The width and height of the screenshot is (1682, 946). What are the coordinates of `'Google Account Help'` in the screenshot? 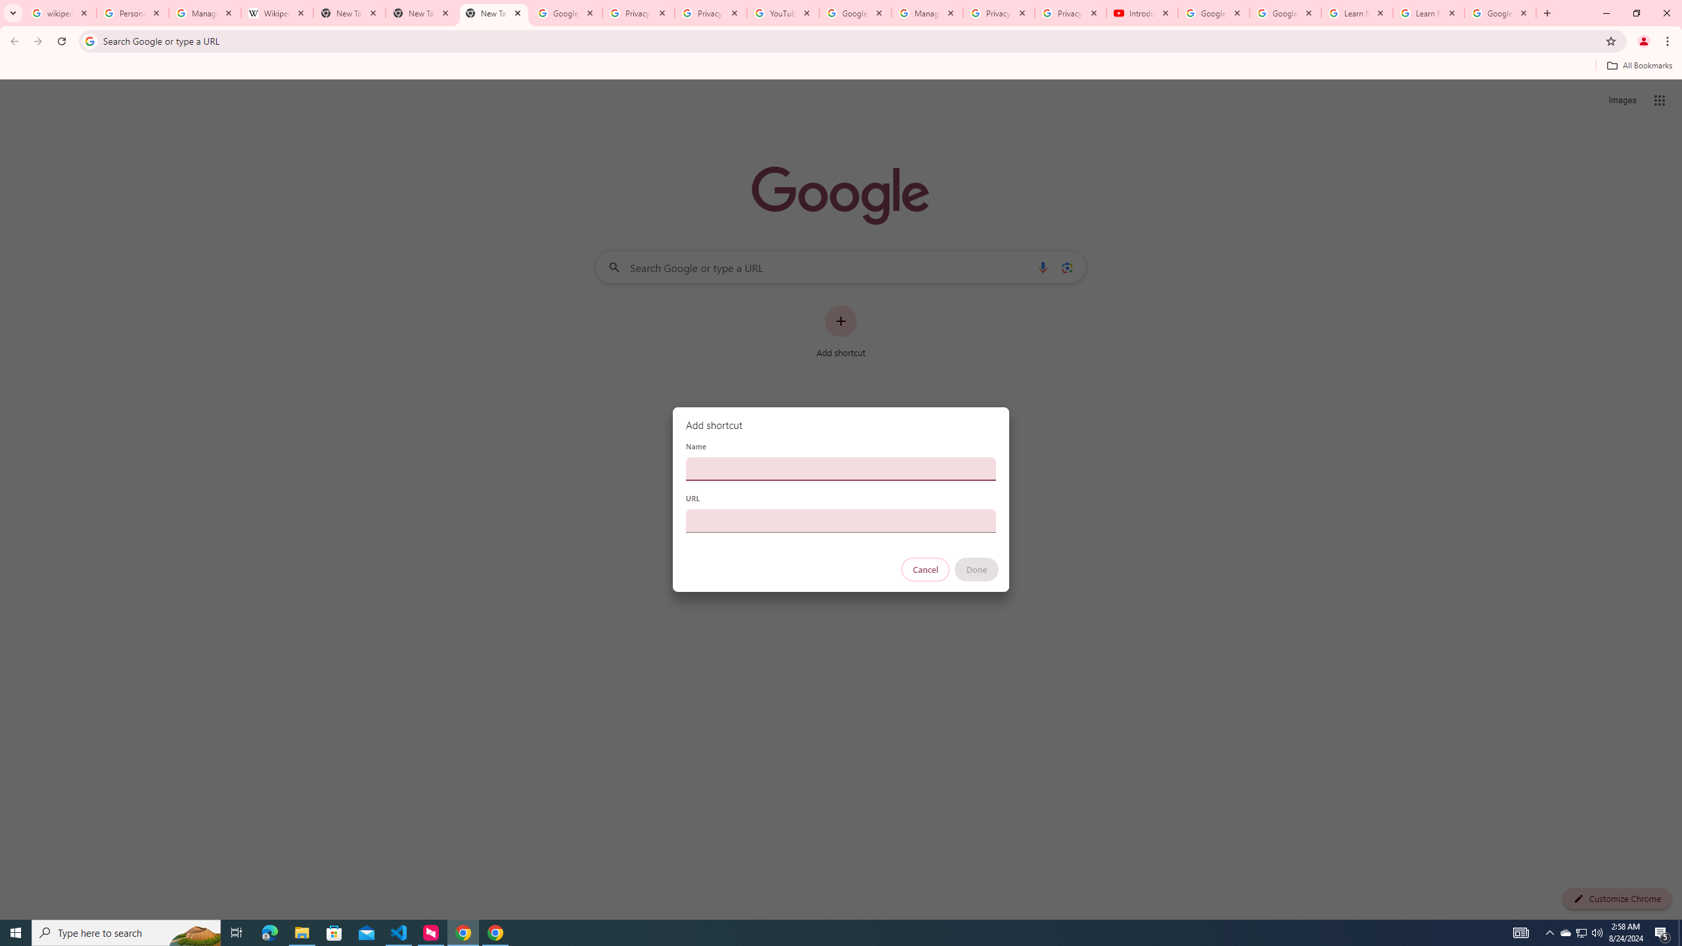 It's located at (1213, 12).